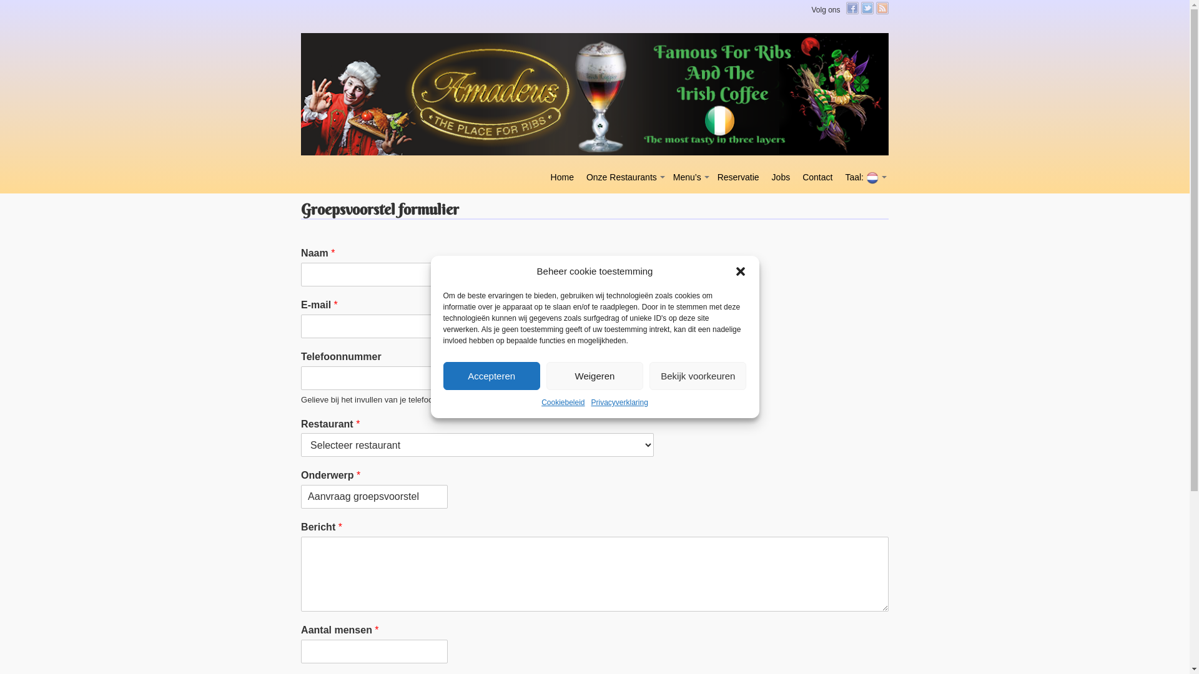 This screenshot has width=1199, height=674. I want to click on 'Home', so click(561, 177).